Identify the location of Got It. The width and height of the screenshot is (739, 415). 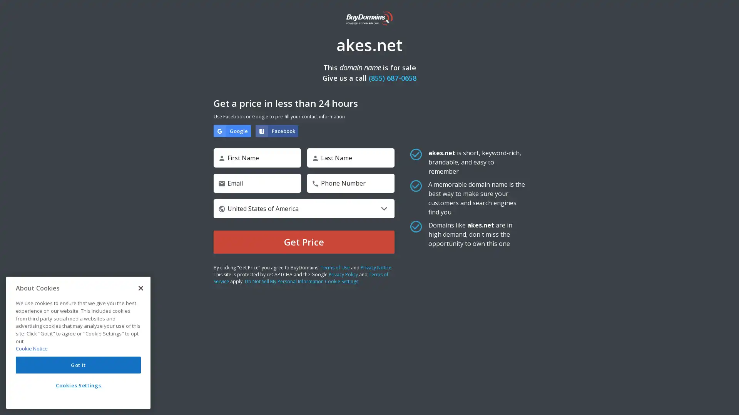
(78, 364).